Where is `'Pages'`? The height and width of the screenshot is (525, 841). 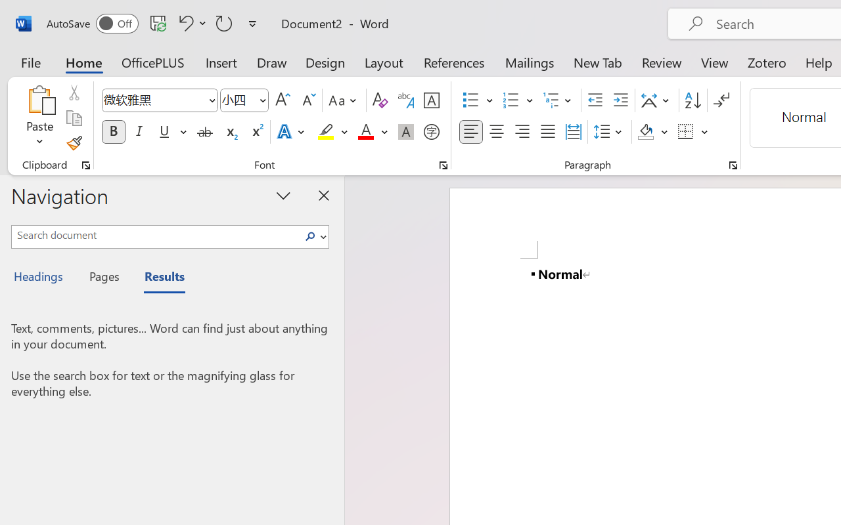
'Pages' is located at coordinates (102, 278).